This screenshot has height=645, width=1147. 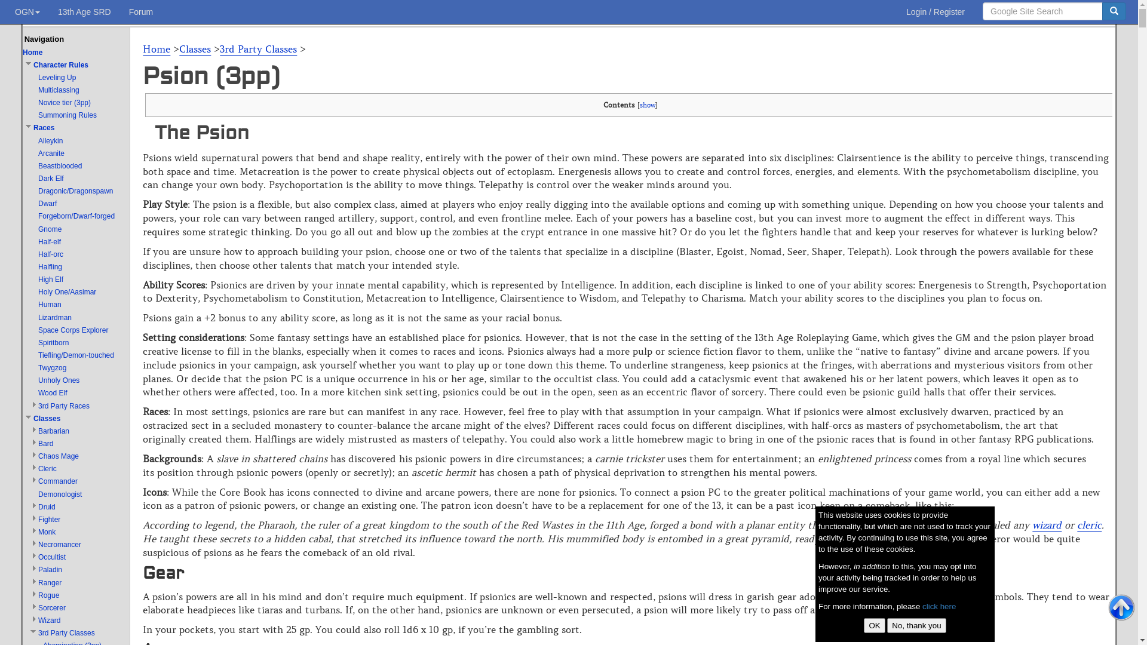 What do you see at coordinates (934, 11) in the screenshot?
I see `'Login / Register'` at bounding box center [934, 11].